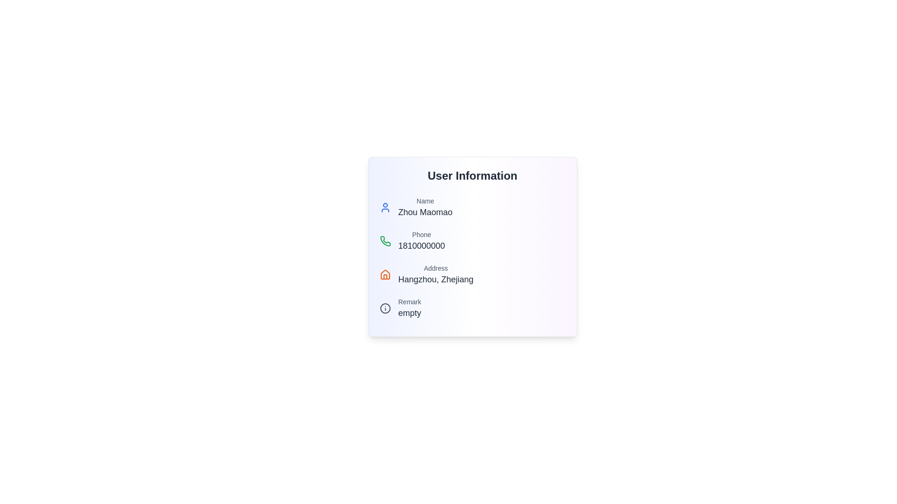 This screenshot has width=897, height=504. What do you see at coordinates (385, 240) in the screenshot?
I see `the green phone icon, which has a curved receiver shape and is located below the person icon and to the left of the 'Phone' label in the user information card` at bounding box center [385, 240].